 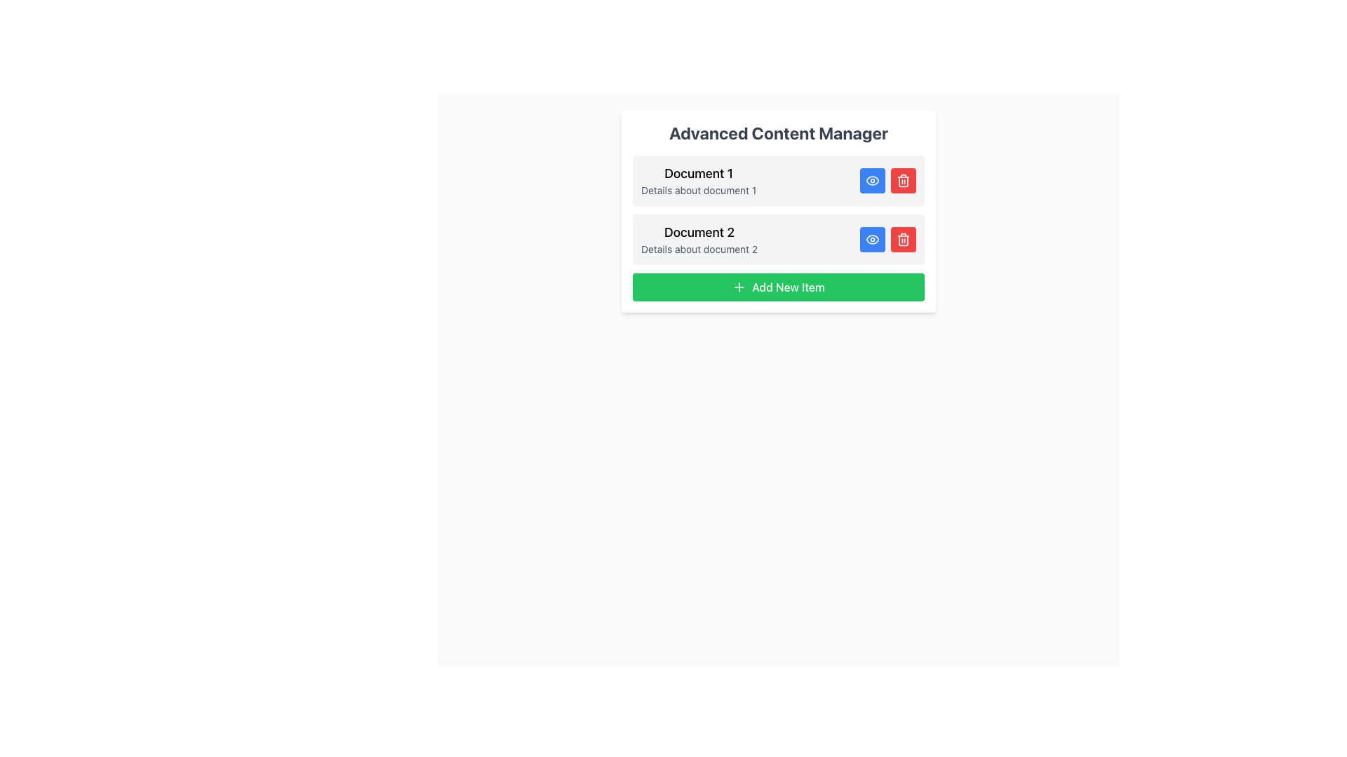 What do you see at coordinates (903, 180) in the screenshot?
I see `the delete button represented by a trash can icon with a red background located in the top-right corner of the second document row to initiate the deletion process` at bounding box center [903, 180].